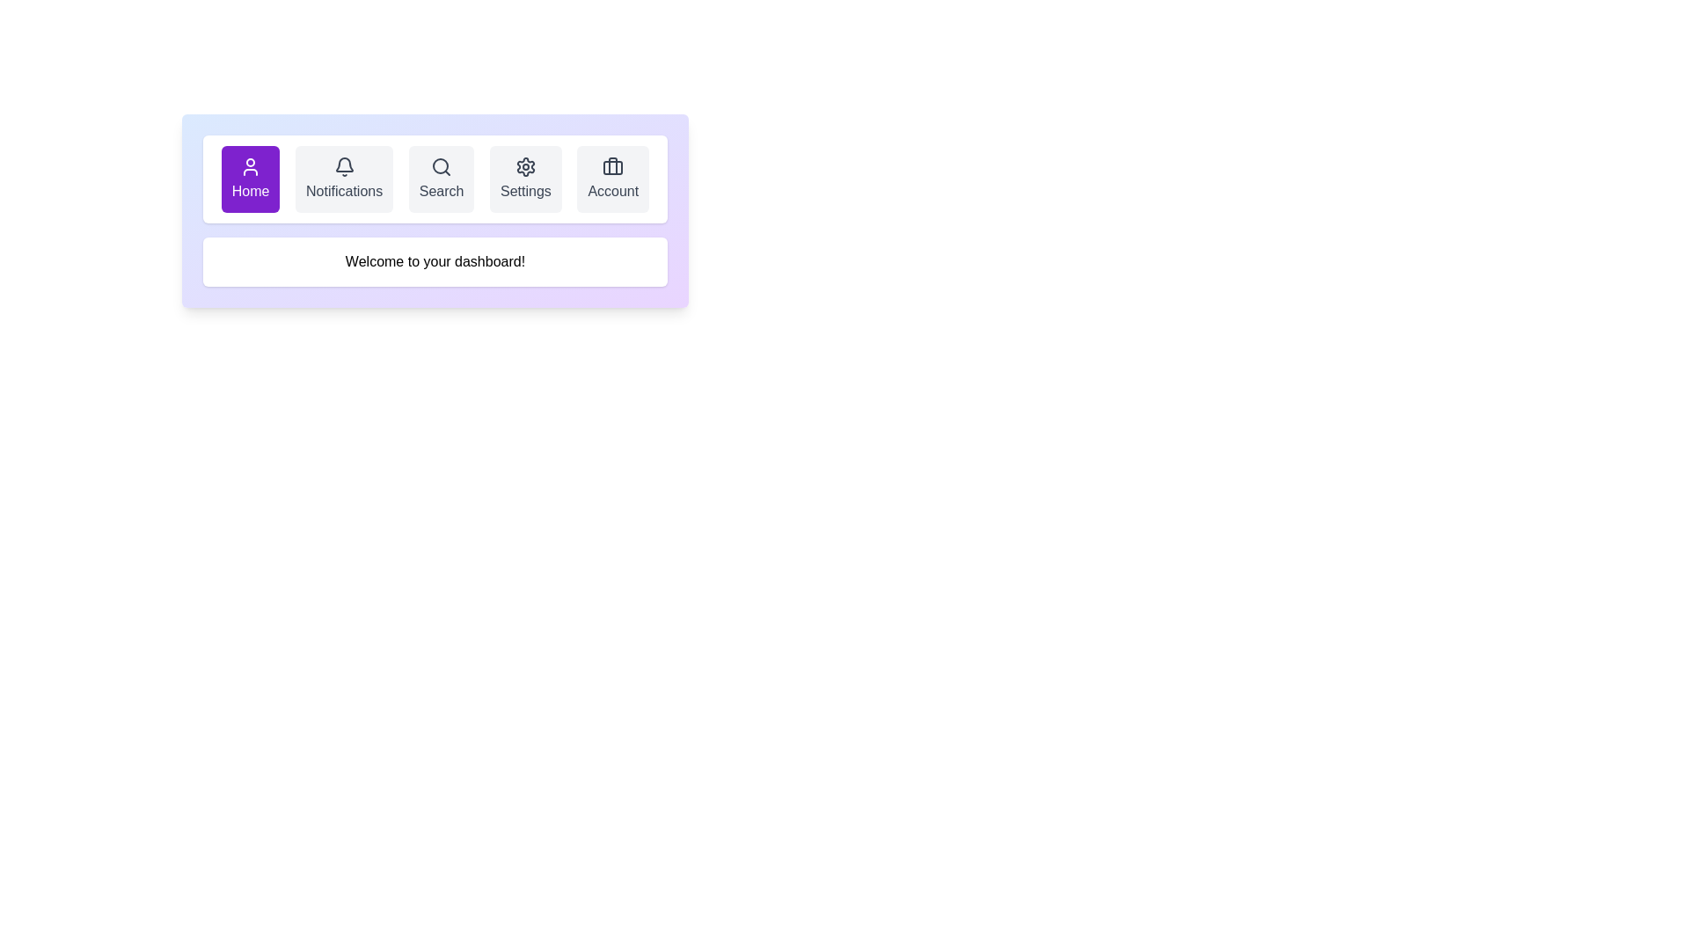 This screenshot has height=950, width=1689. Describe the element at coordinates (344, 192) in the screenshot. I see `text label that says 'Notifications', which is styled with a gray font color and is located in the second button from the left in the horizontal navigation bar, next to a bell icon` at that location.